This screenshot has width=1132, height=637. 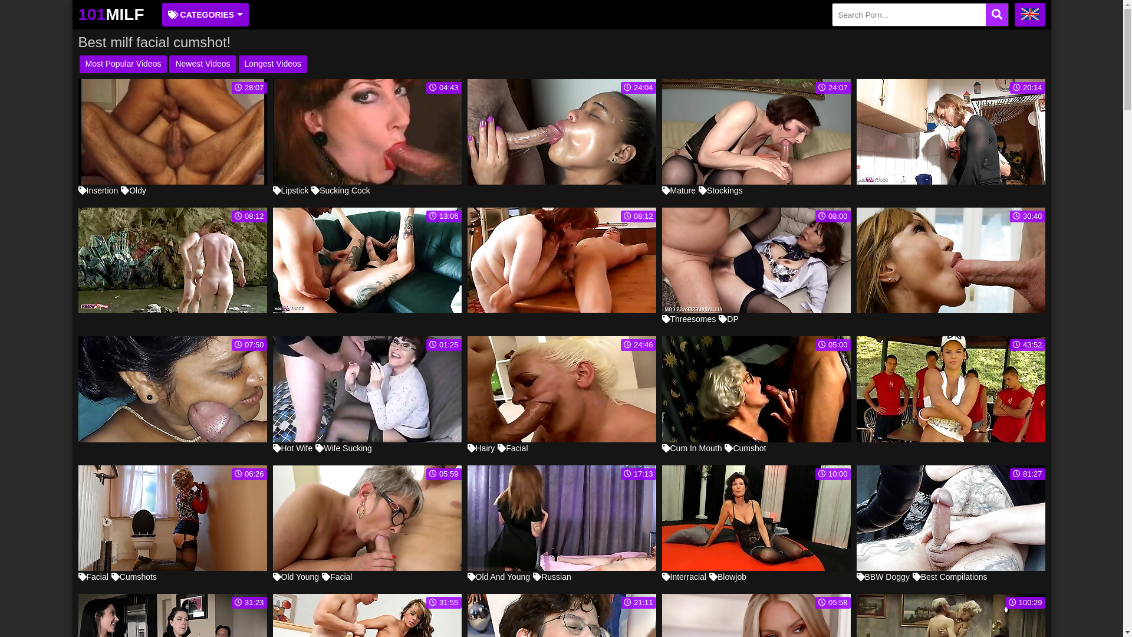 What do you see at coordinates (295, 576) in the screenshot?
I see `'Old Young'` at bounding box center [295, 576].